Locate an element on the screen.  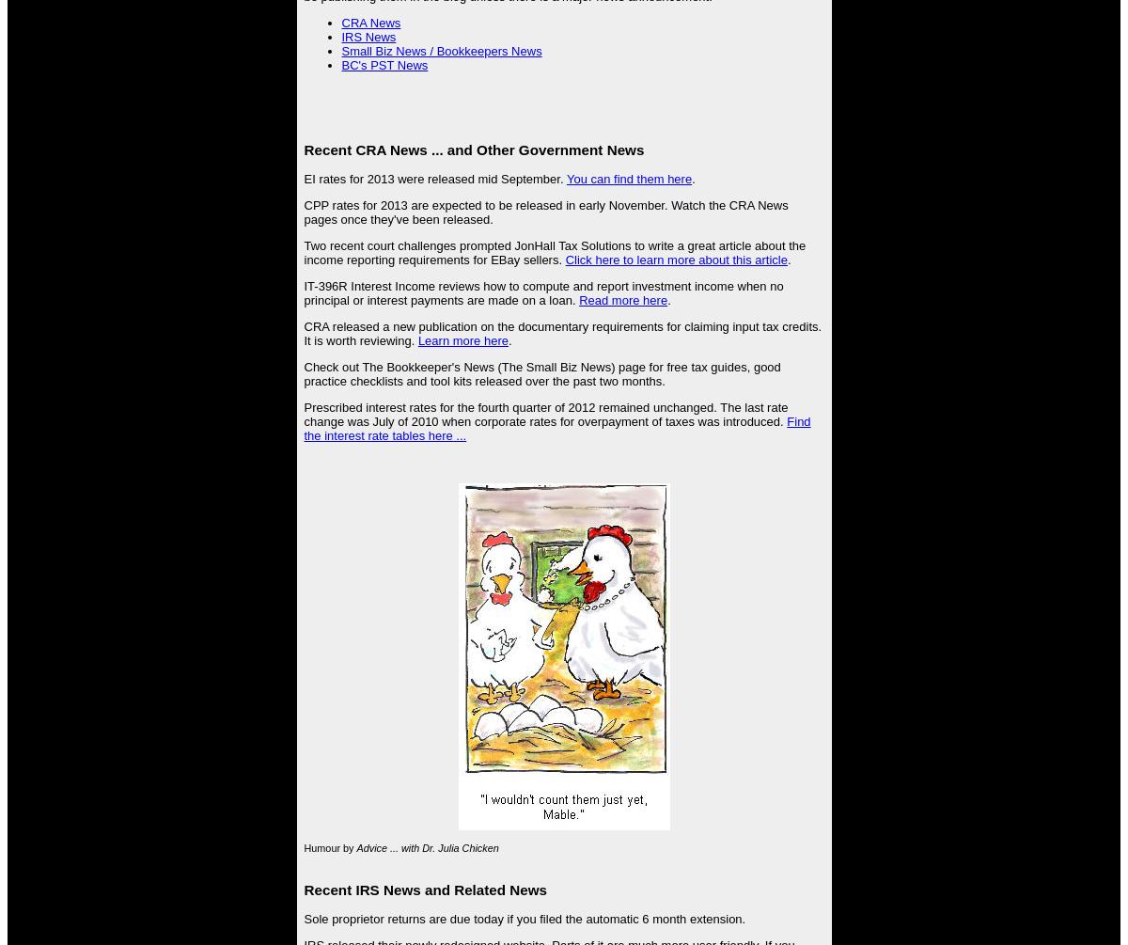
'Prescribed interest rates for the fourth quarter of 2012 remained unchanged. The last rate change was July of 2010 when corporate rates for overpayment of taxes was introduced.' is located at coordinates (544, 413).